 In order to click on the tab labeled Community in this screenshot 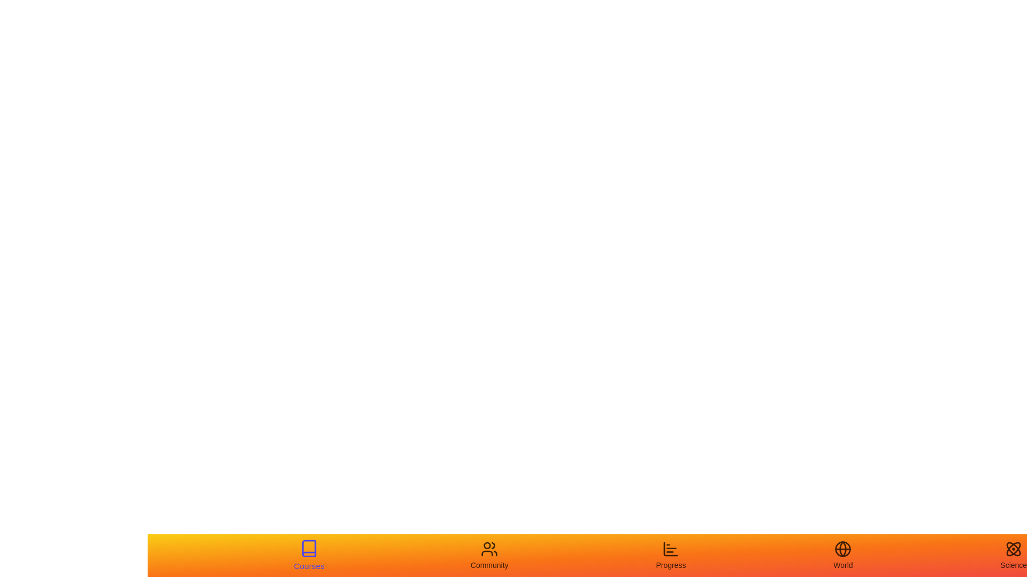, I will do `click(489, 555)`.